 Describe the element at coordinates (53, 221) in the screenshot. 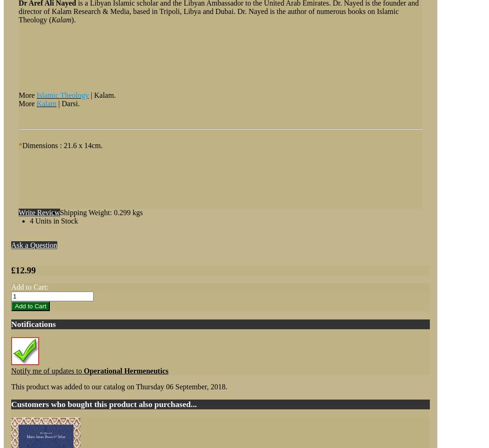

I see `'4 Units in Stock'` at that location.